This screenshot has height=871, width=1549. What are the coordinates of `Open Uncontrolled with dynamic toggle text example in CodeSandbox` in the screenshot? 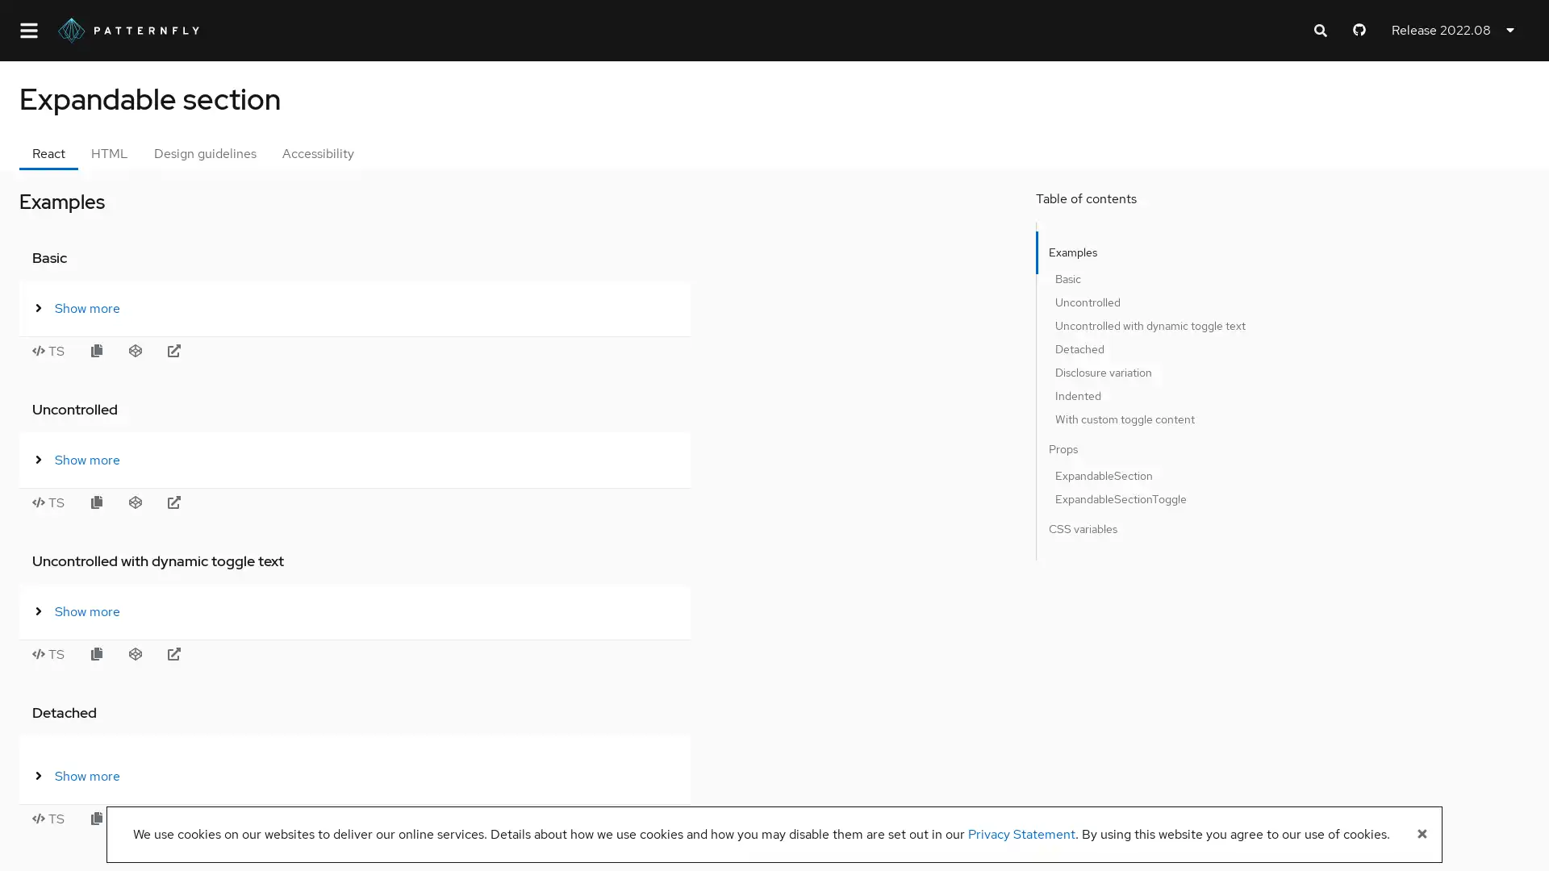 It's located at (368, 653).